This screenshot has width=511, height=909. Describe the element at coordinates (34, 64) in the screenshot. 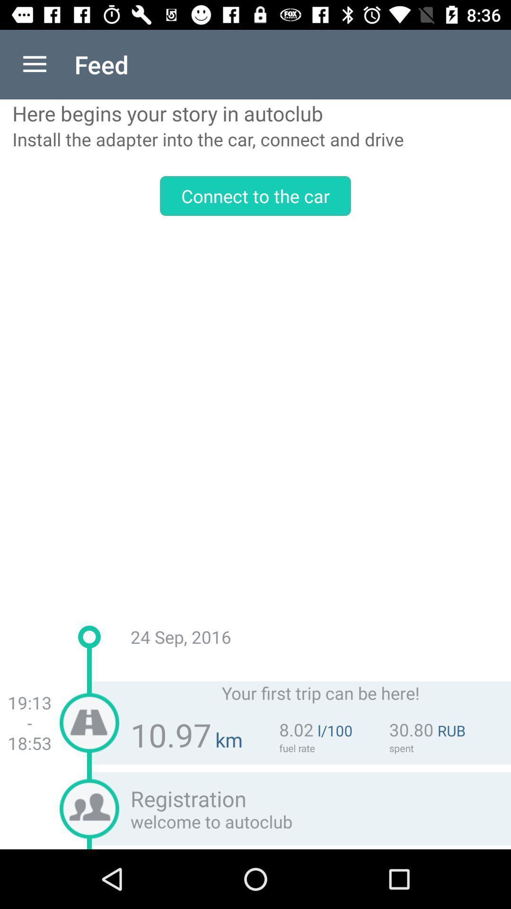

I see `the icon to the left of feed app` at that location.